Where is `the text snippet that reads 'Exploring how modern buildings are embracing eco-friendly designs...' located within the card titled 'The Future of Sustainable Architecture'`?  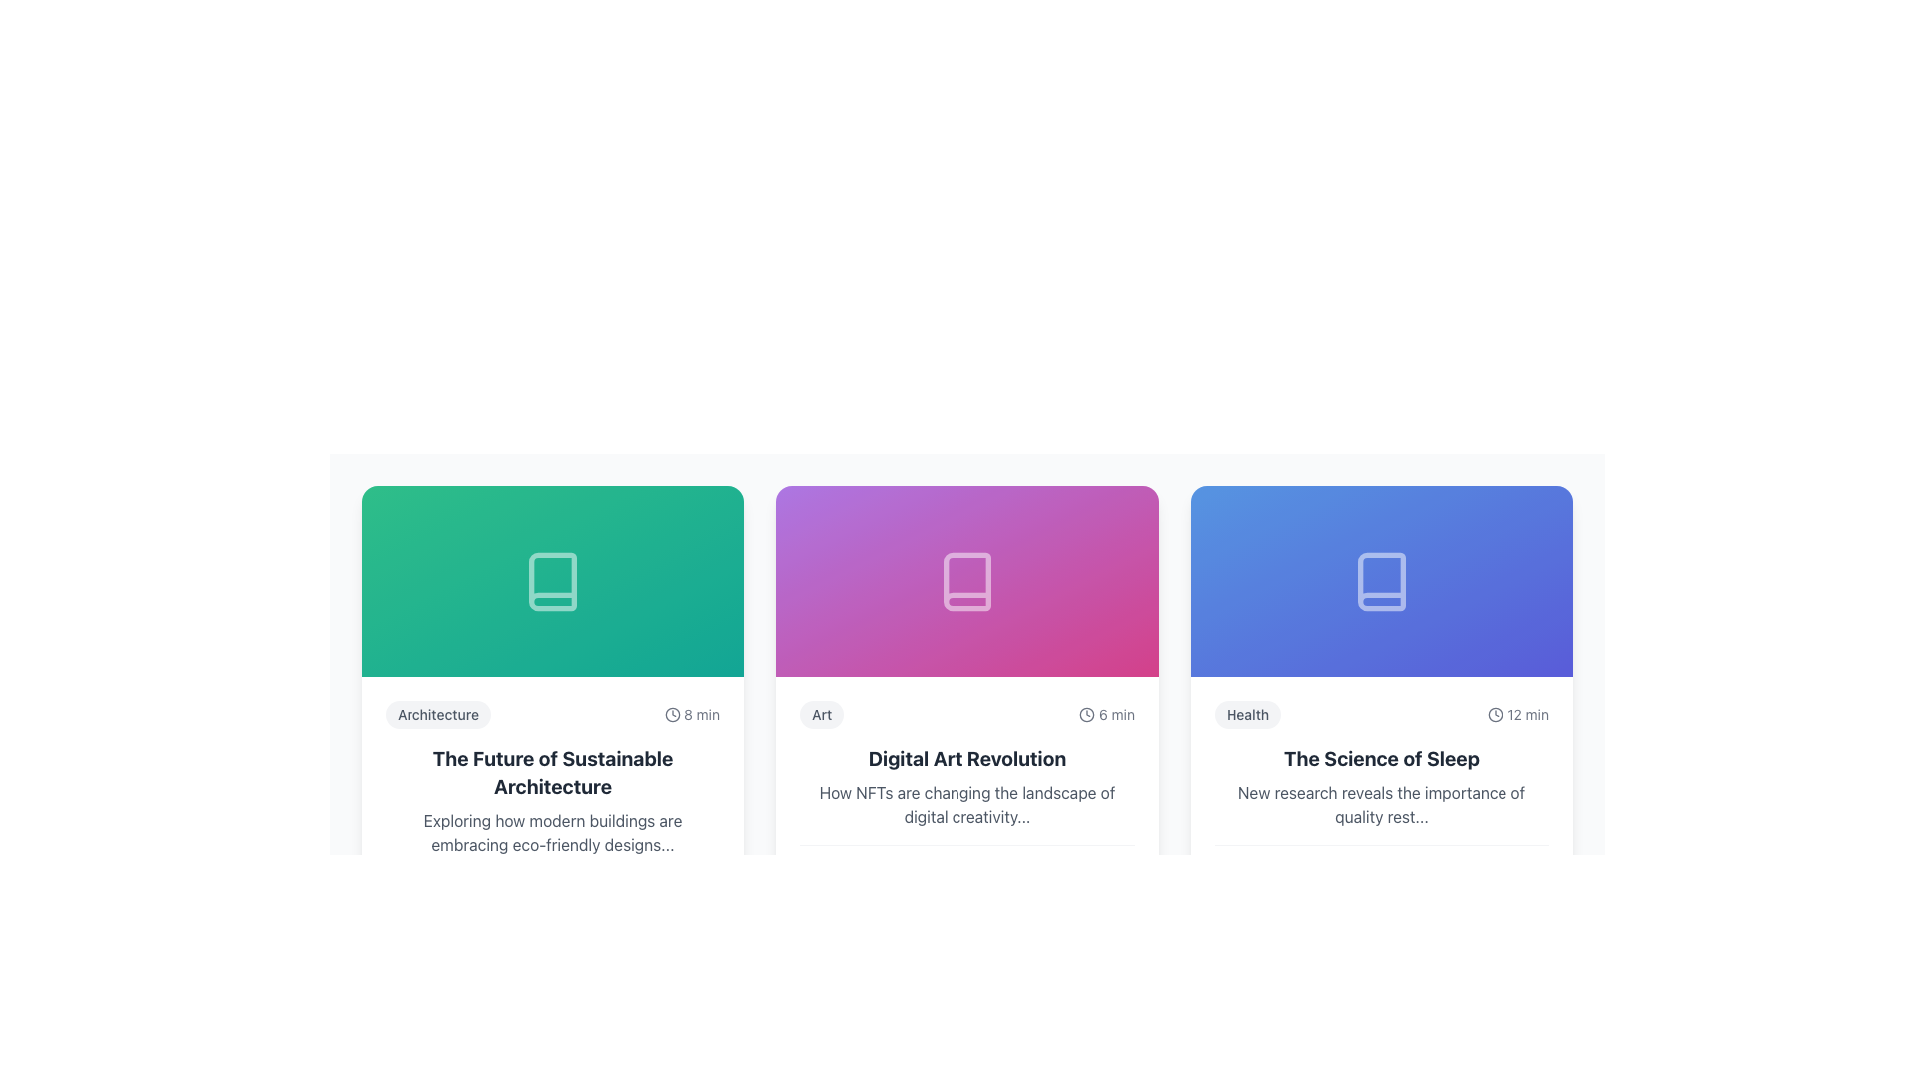 the text snippet that reads 'Exploring how modern buildings are embracing eco-friendly designs...' located within the card titled 'The Future of Sustainable Architecture' is located at coordinates (553, 833).